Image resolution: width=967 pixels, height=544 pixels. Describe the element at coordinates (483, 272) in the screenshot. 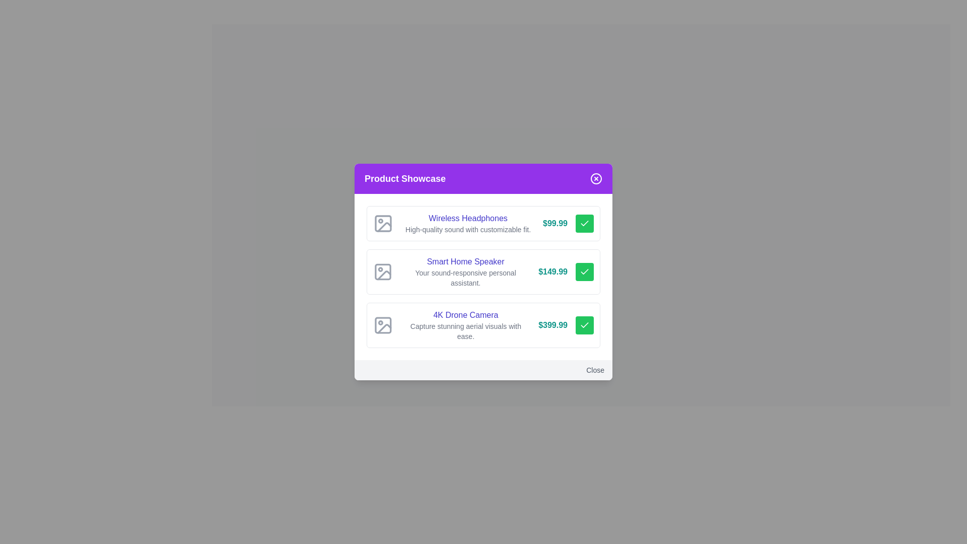

I see `the product content within the modal titled 'Product Showcase', which has a white background, rounded corners, and is centrally positioned` at that location.